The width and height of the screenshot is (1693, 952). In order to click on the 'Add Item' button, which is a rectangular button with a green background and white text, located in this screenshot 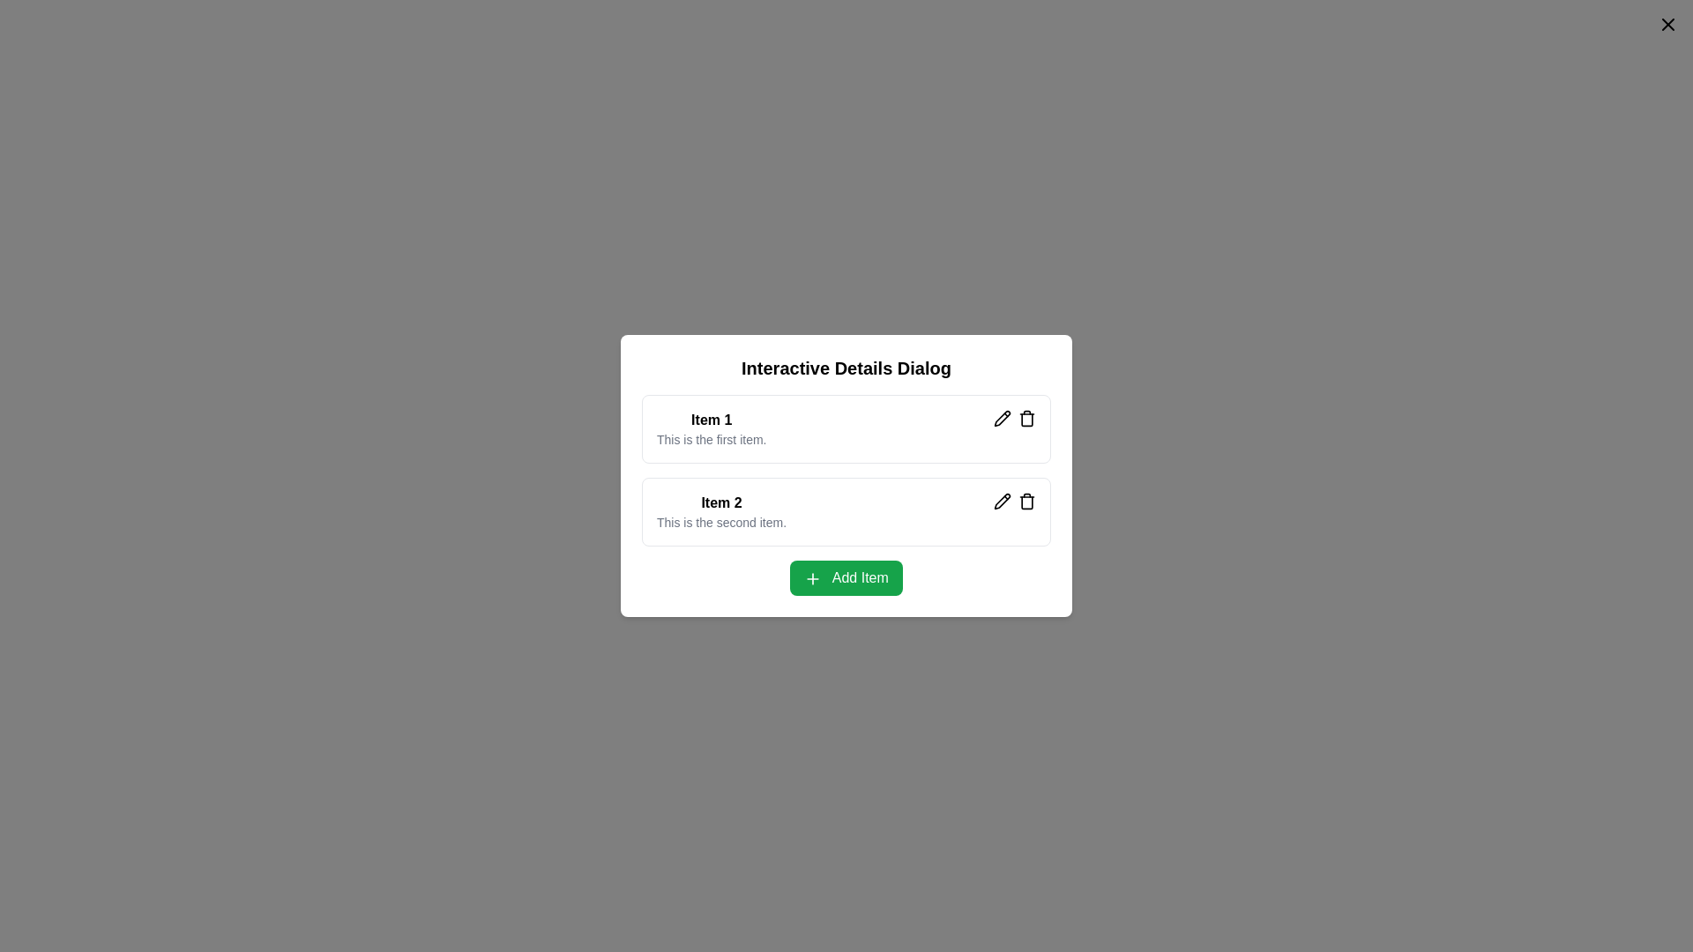, I will do `click(846, 577)`.